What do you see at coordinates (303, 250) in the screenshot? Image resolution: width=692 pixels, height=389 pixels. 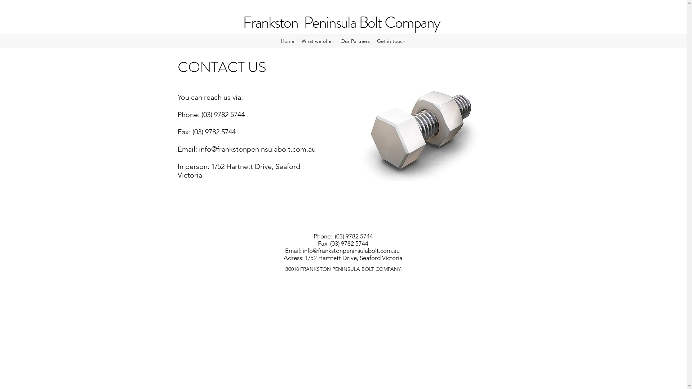 I see `'info@frankstonpeninsulabolt.com.au'` at bounding box center [303, 250].